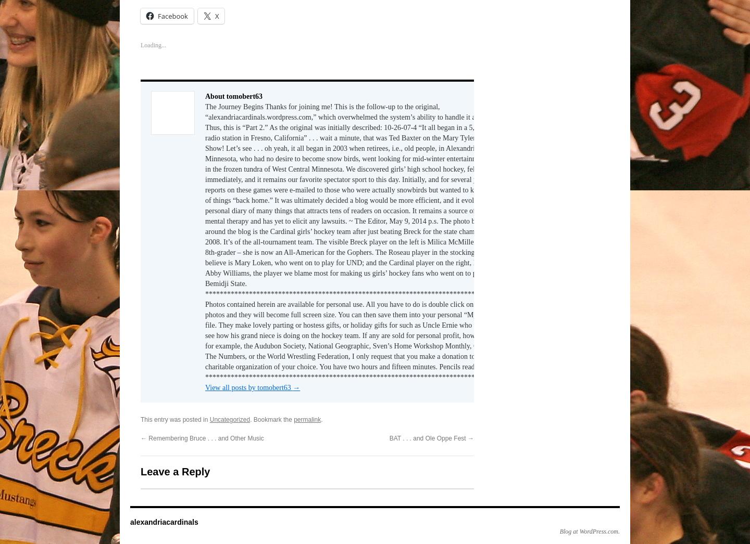  Describe the element at coordinates (428, 435) in the screenshot. I see `'BAT . . . and Ole Oppe Fest'` at that location.